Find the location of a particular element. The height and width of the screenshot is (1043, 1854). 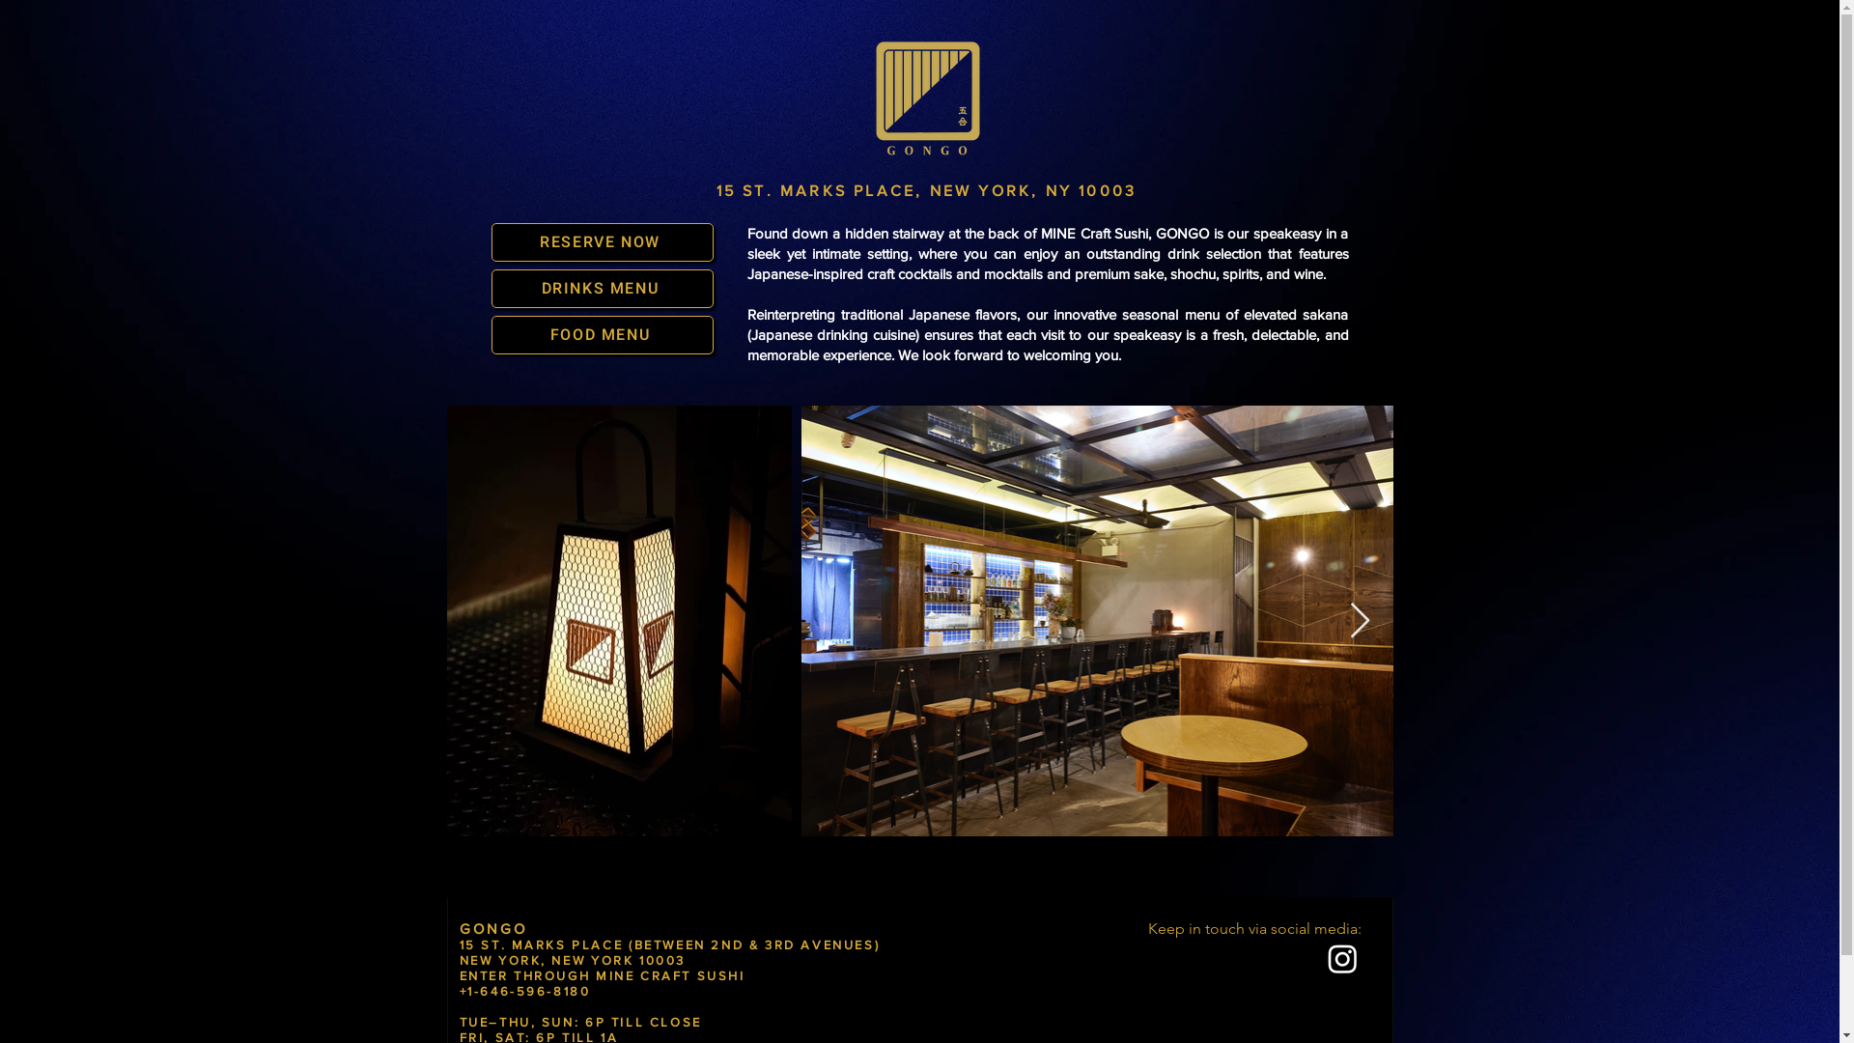

'RESERVE NOW' is located at coordinates (601, 240).